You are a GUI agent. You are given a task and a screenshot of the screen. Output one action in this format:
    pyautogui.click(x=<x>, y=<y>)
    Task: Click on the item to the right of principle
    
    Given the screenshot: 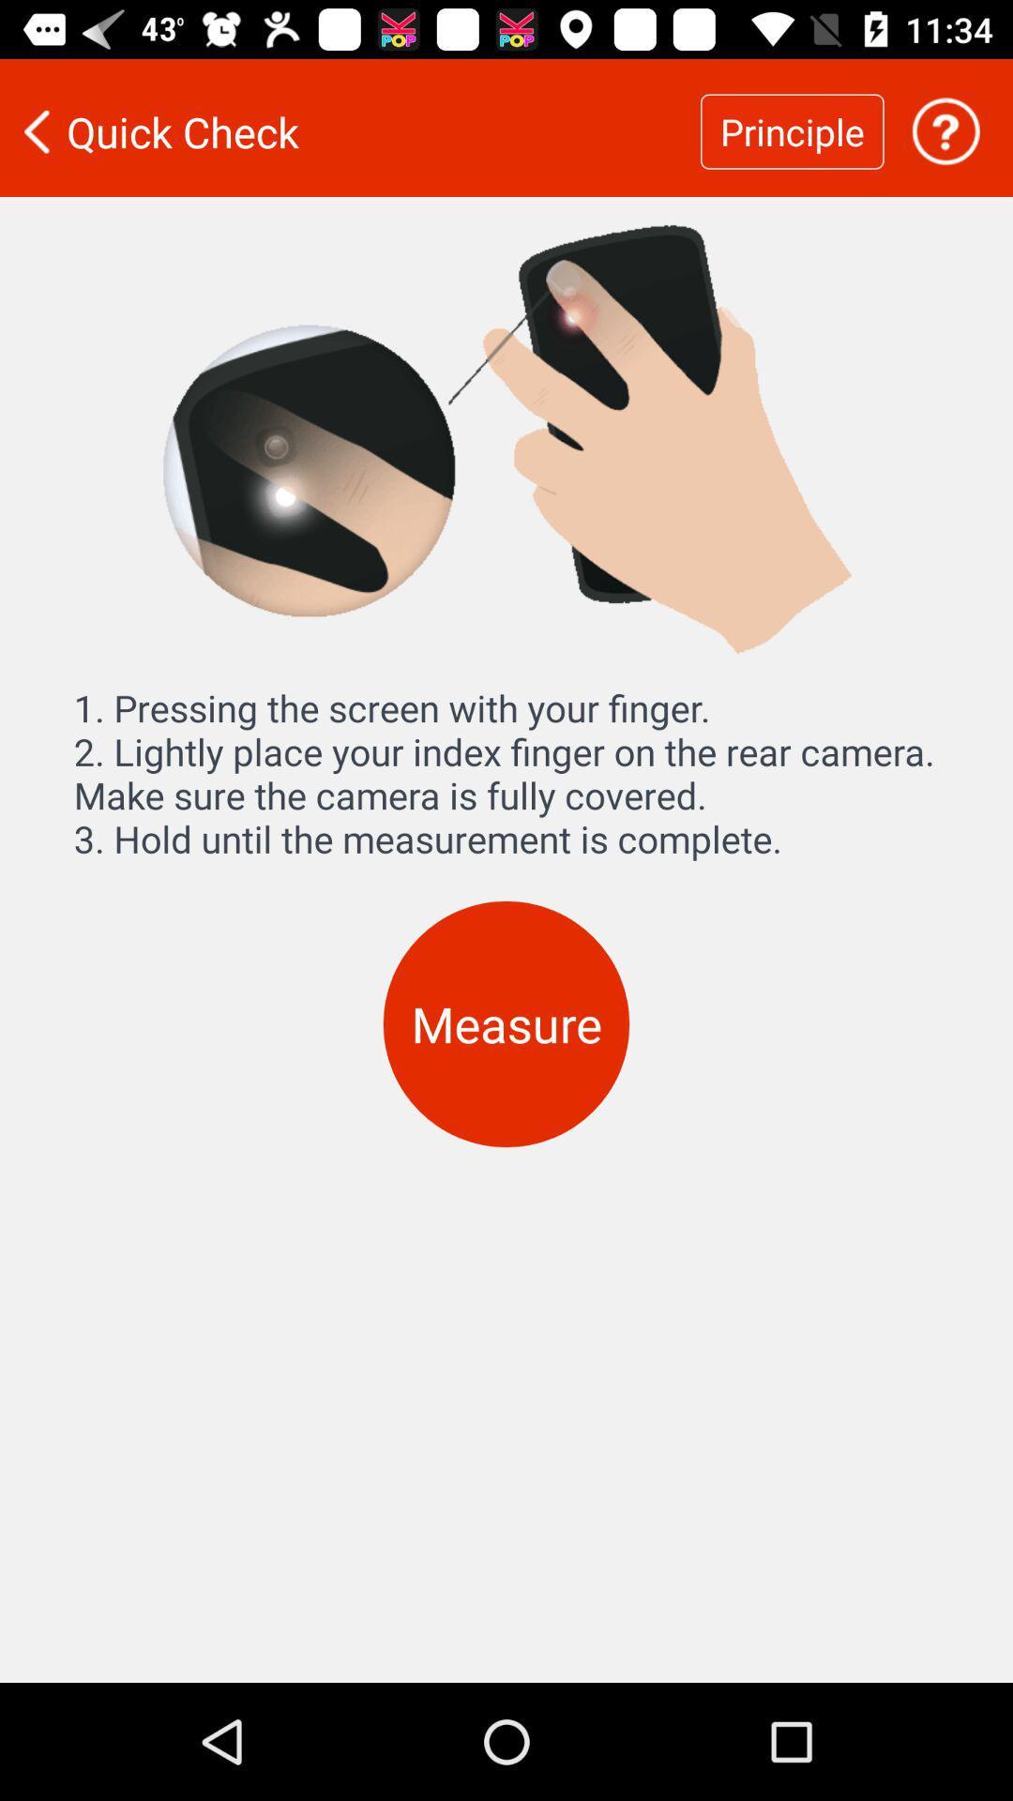 What is the action you would take?
    pyautogui.click(x=945, y=130)
    